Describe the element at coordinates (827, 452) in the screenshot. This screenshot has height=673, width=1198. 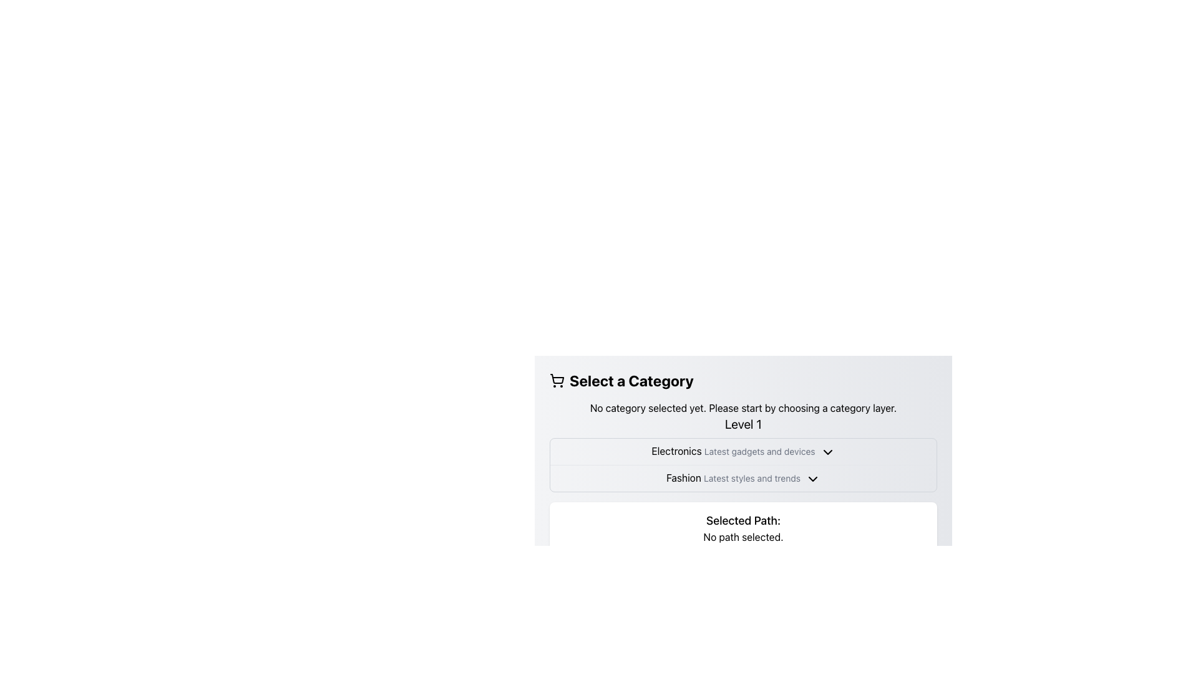
I see `the icon located to the right of the label 'Electronics' in the selector row, which indicates that the associated category can be expanded` at that location.